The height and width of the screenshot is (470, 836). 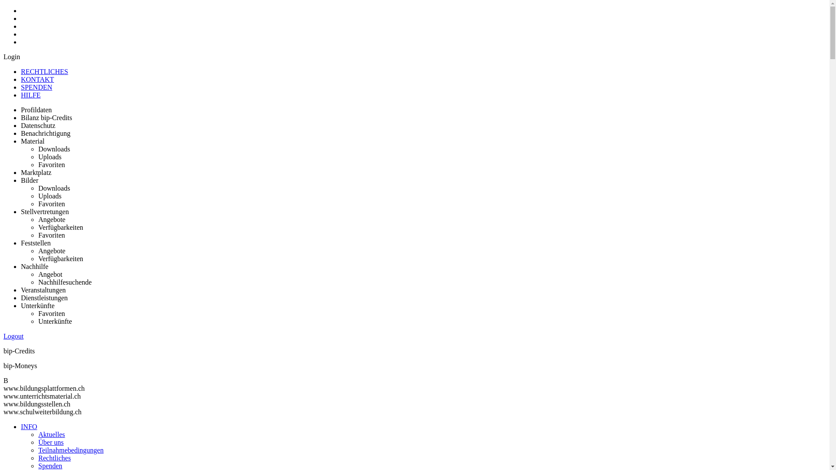 What do you see at coordinates (33, 141) in the screenshot?
I see `'Material'` at bounding box center [33, 141].